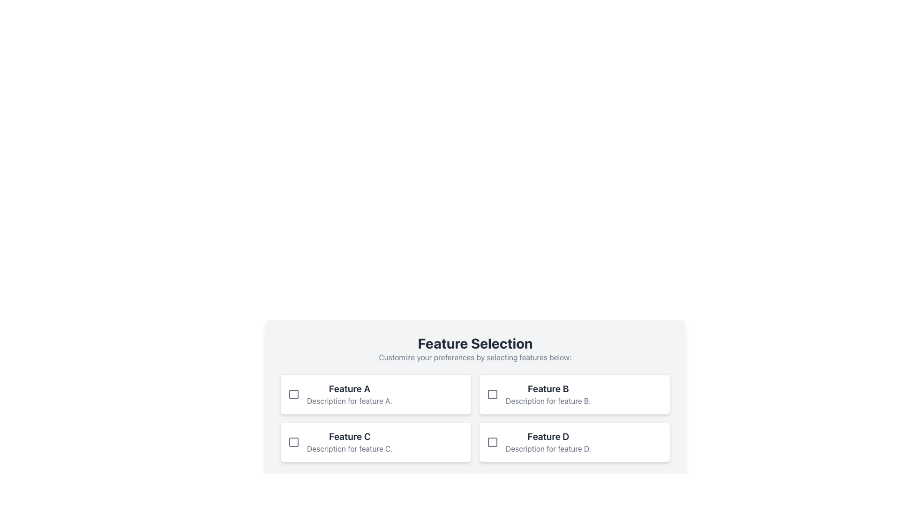 The height and width of the screenshot is (506, 900). I want to click on descriptive label located below the 'Feature B' heading text in the top-right quadrant of the 'Feature Selection' grid, so click(548, 401).